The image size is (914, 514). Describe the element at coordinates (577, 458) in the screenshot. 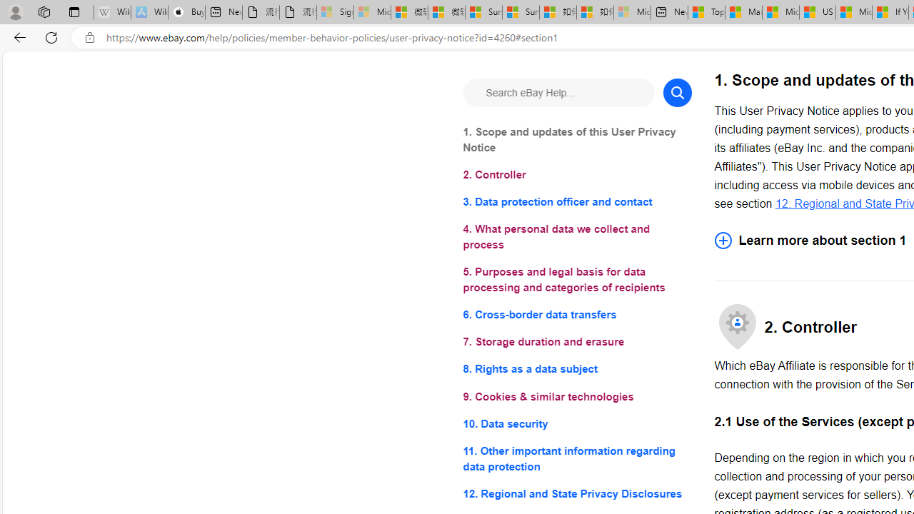

I see `'11. Other important information regarding data protection'` at that location.